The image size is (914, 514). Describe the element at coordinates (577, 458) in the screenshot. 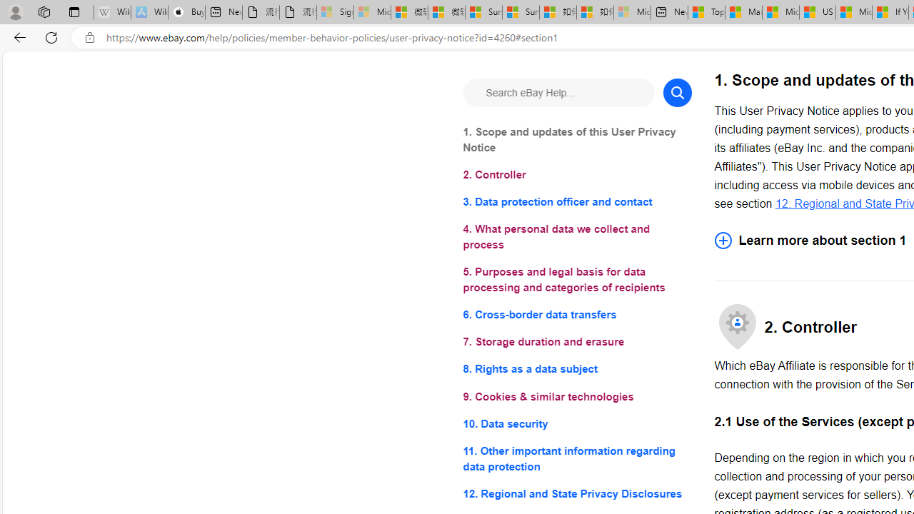

I see `'11. Other important information regarding data protection'` at that location.